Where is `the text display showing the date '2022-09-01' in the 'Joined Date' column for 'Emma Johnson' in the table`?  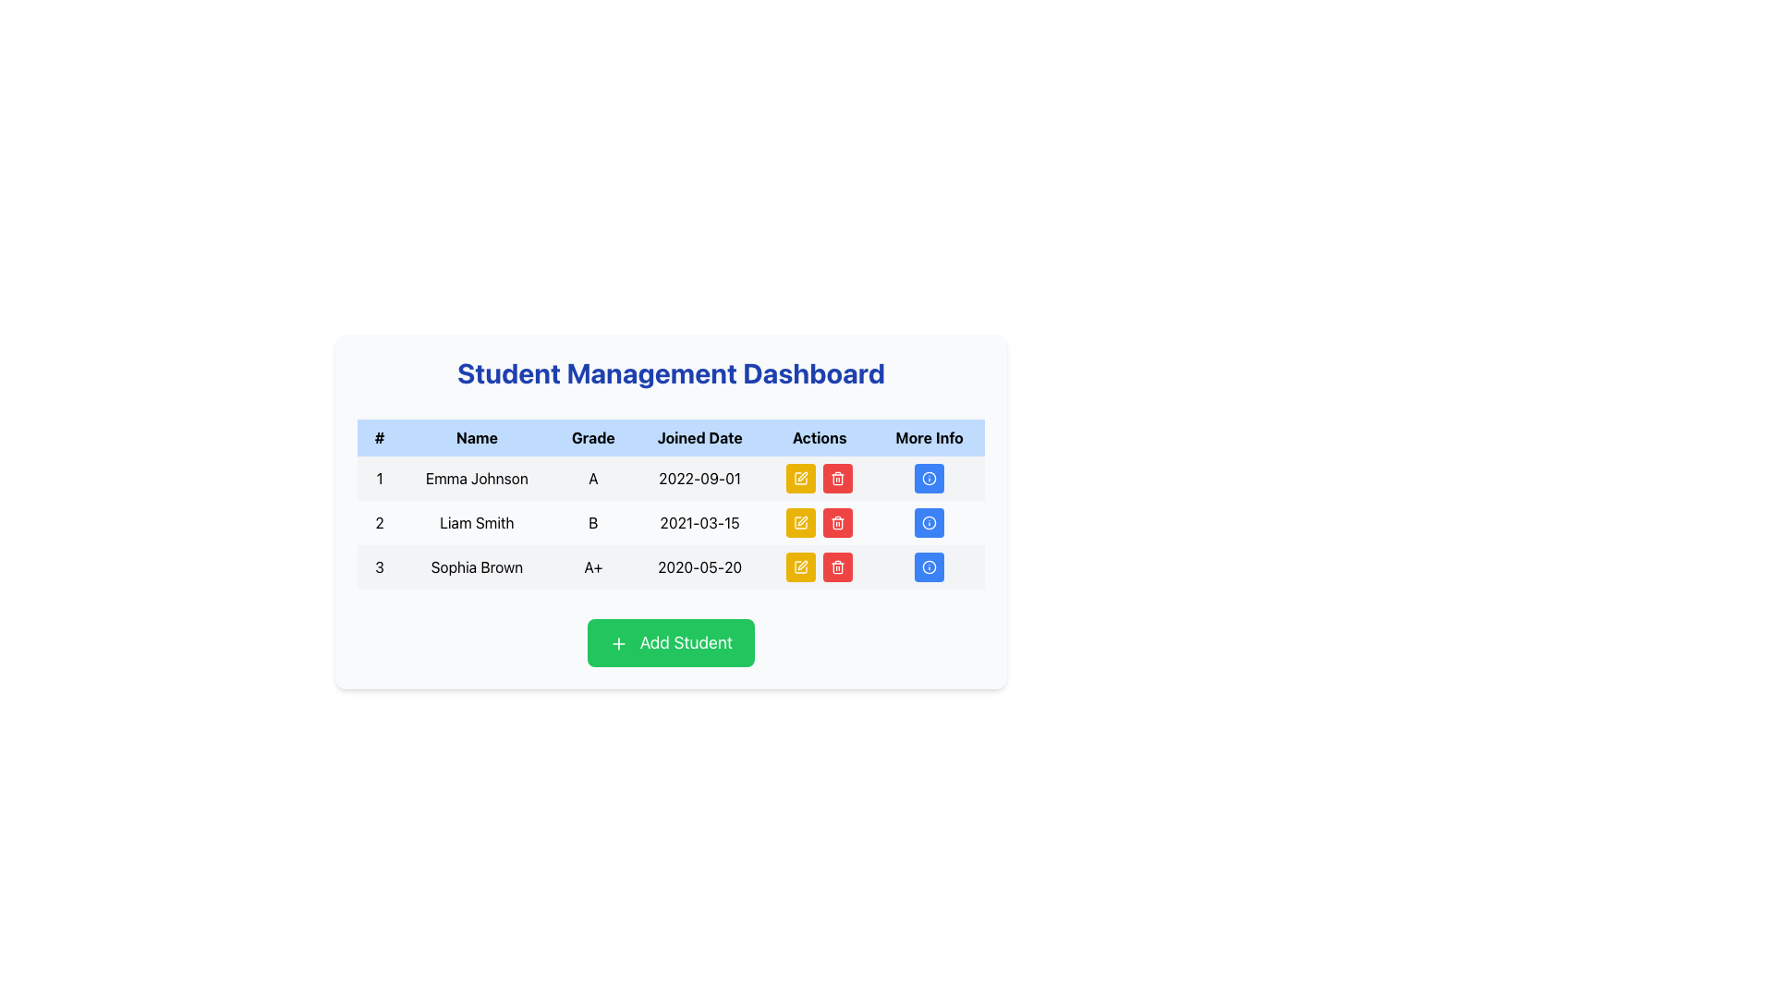
the text display showing the date '2022-09-01' in the 'Joined Date' column for 'Emma Johnson' in the table is located at coordinates (699, 477).